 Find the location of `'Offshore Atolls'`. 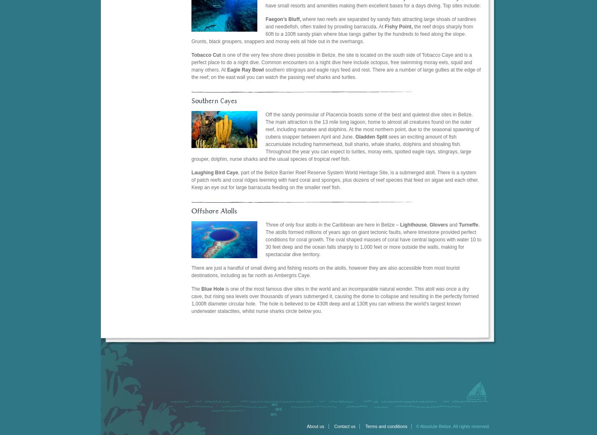

'Offshore Atolls' is located at coordinates (214, 211).